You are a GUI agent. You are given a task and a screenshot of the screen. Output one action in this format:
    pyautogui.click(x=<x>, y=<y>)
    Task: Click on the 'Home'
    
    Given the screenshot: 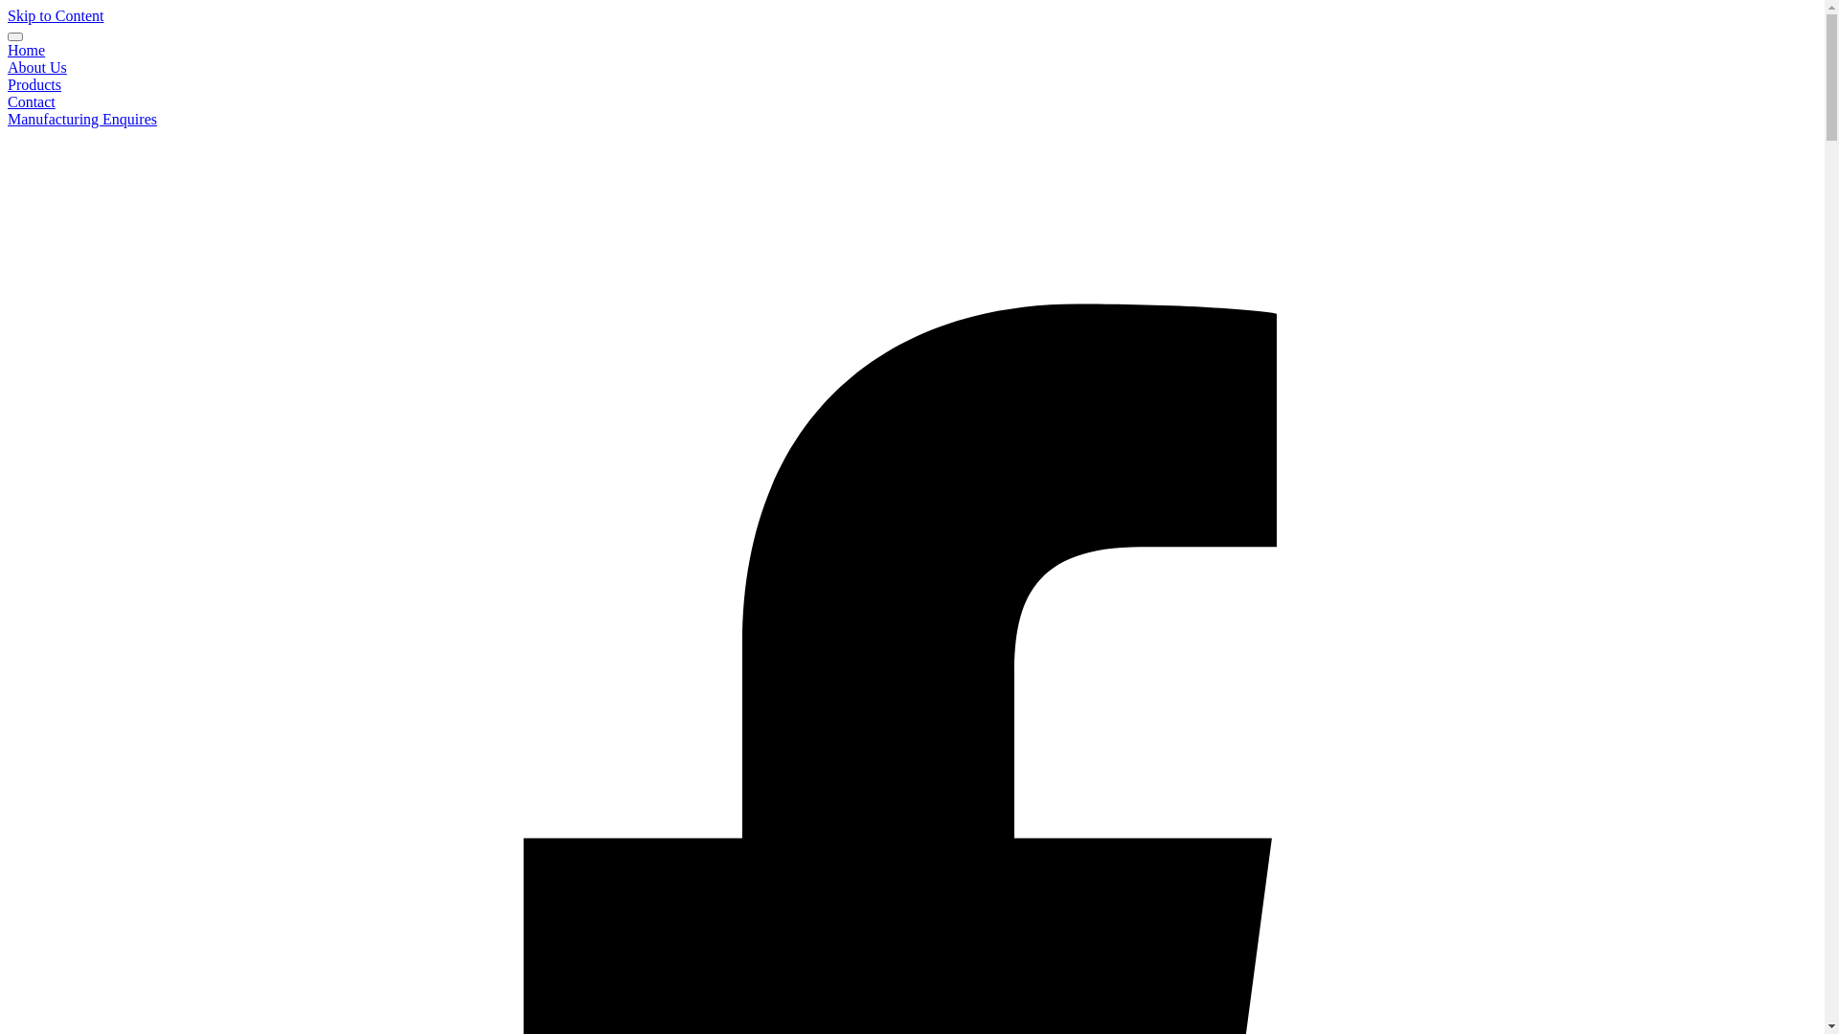 What is the action you would take?
    pyautogui.click(x=8, y=49)
    